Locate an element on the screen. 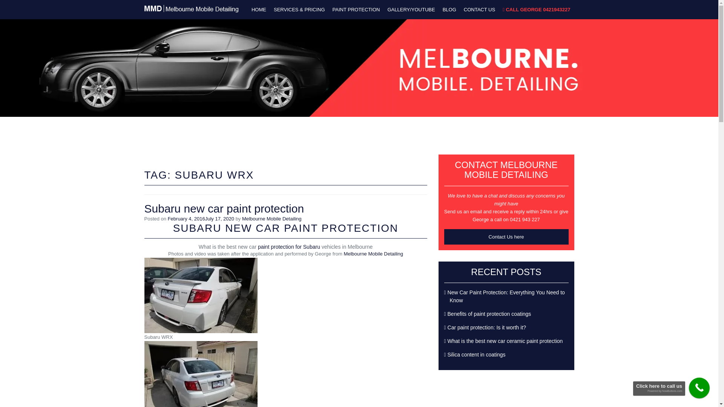  'HOME' is located at coordinates (259, 9).